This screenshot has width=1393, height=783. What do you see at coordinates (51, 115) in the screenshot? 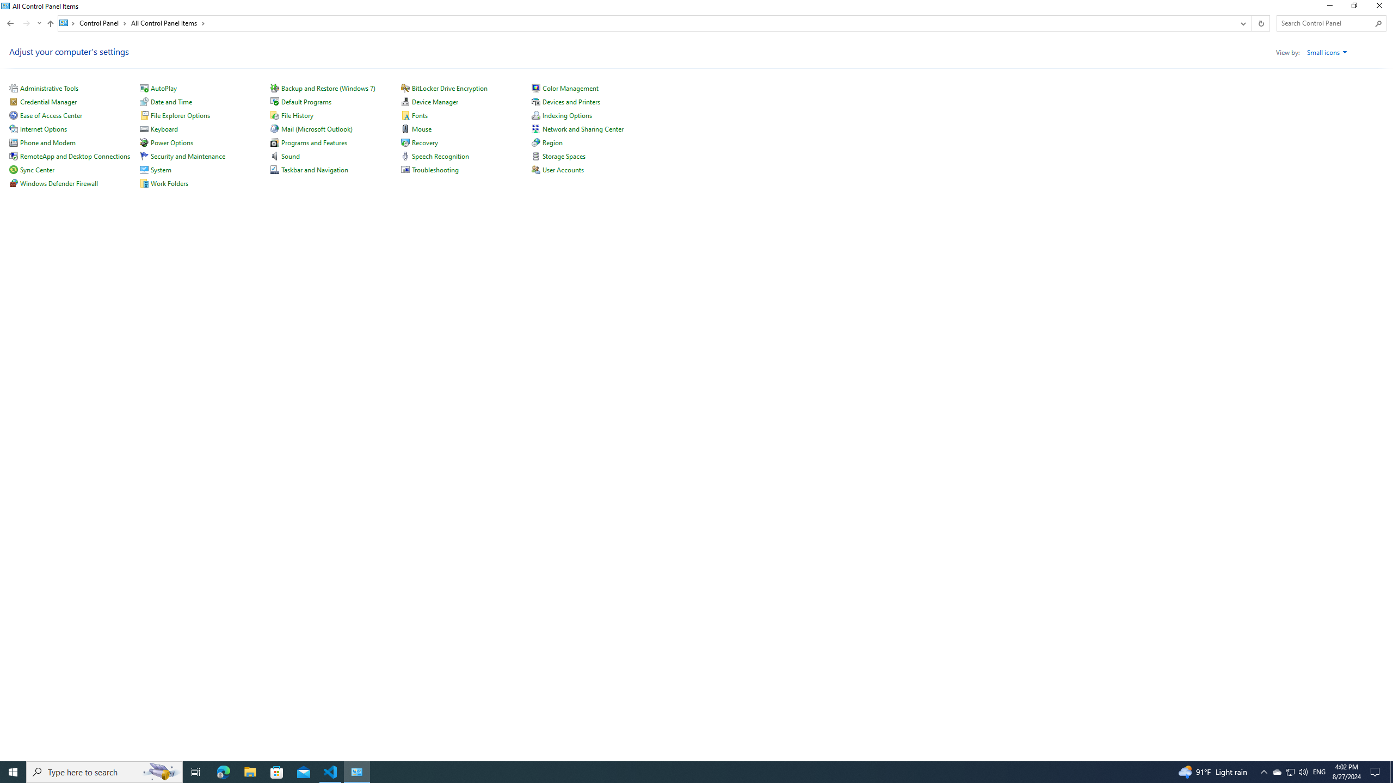
I see `'Ease of Access Center'` at bounding box center [51, 115].